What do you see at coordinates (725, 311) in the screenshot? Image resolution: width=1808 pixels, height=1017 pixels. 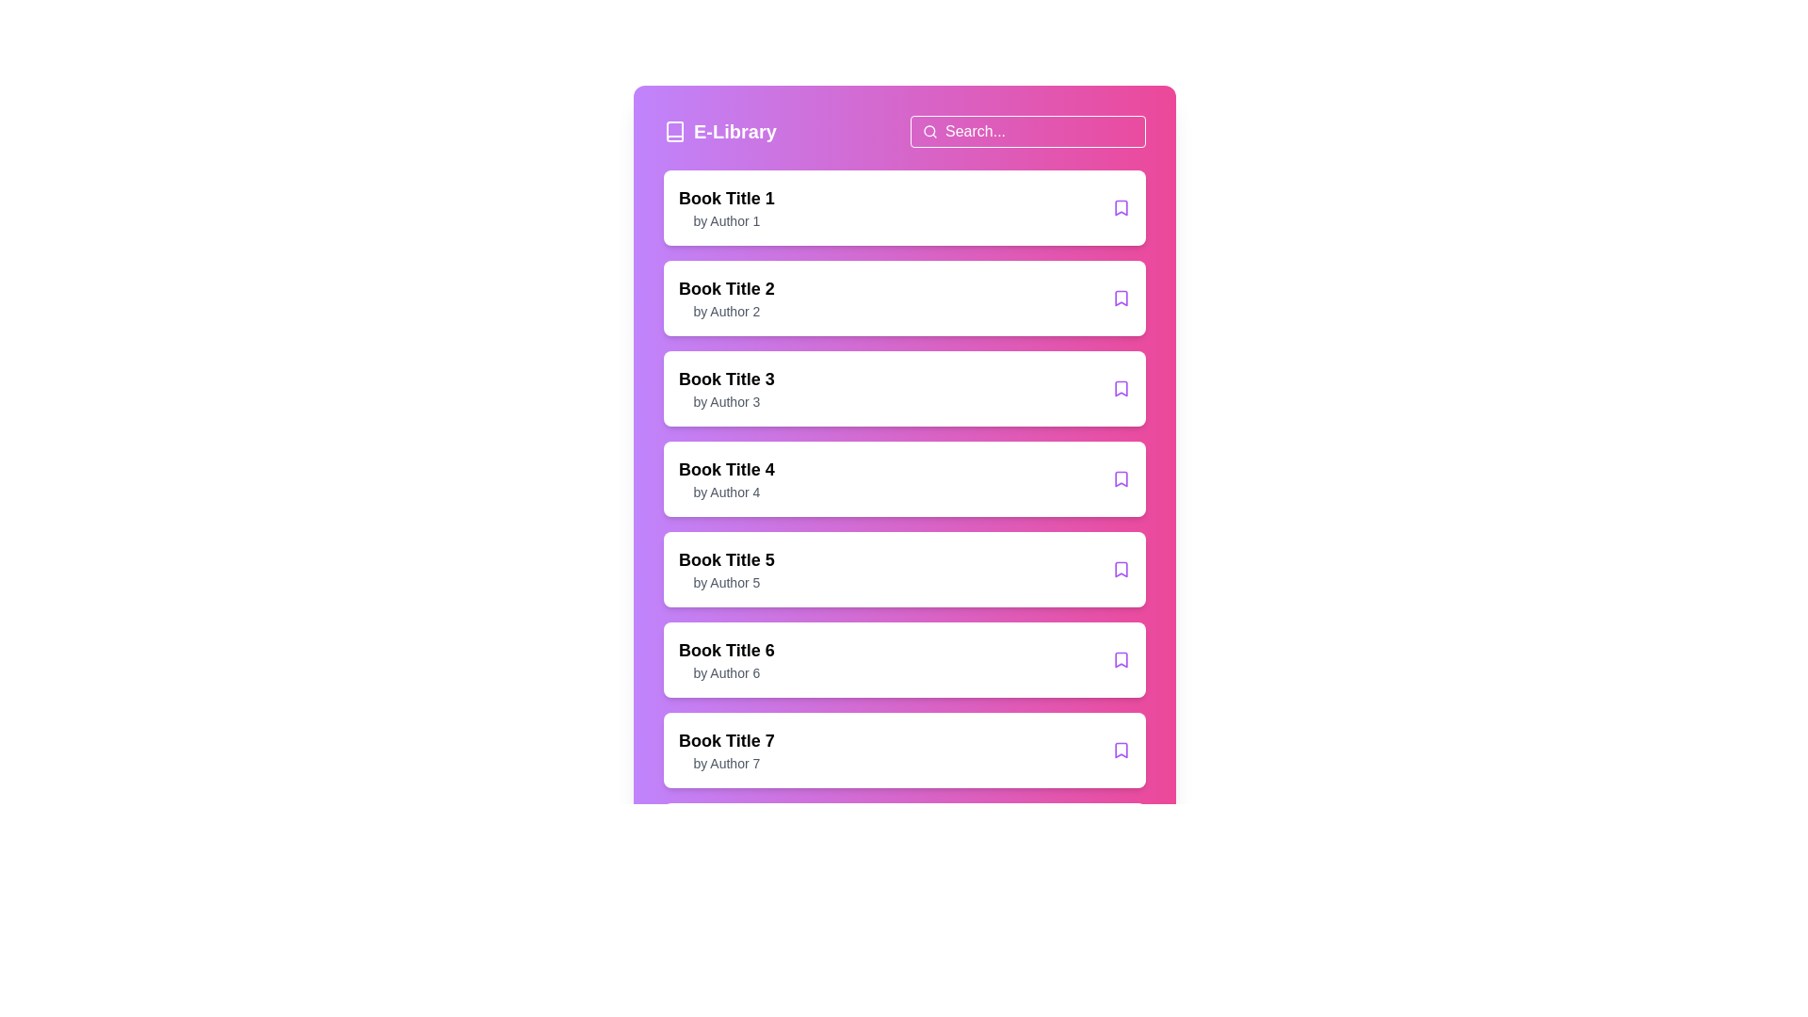 I see `the text label displaying 'by Author 2', which is styled in gray and located below 'Book Title 2' in the second book card` at bounding box center [725, 311].